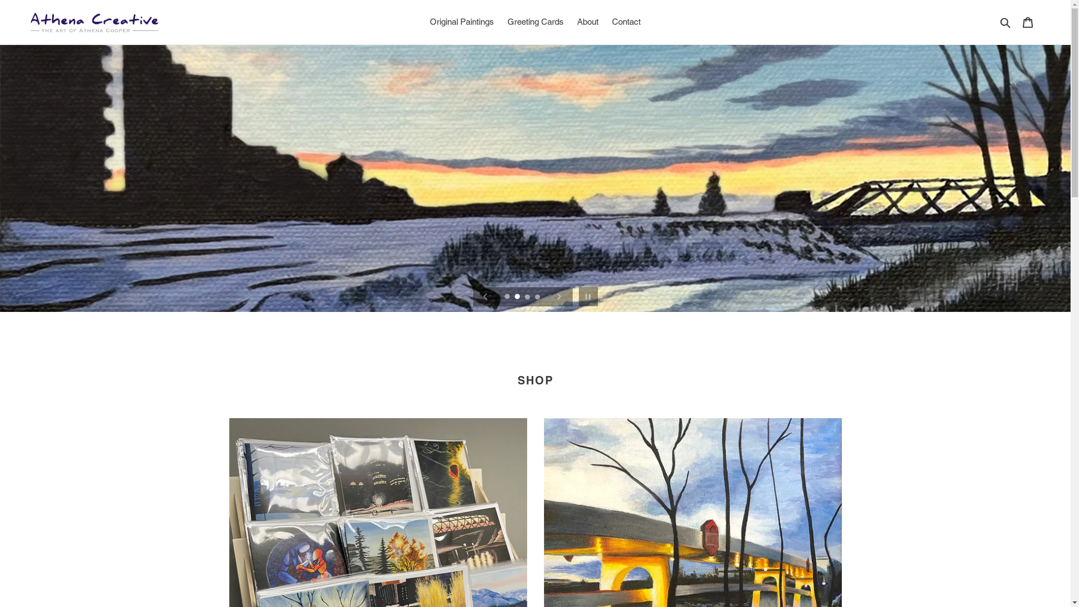 The image size is (1079, 607). Describe the element at coordinates (587, 22) in the screenshot. I see `'About'` at that location.